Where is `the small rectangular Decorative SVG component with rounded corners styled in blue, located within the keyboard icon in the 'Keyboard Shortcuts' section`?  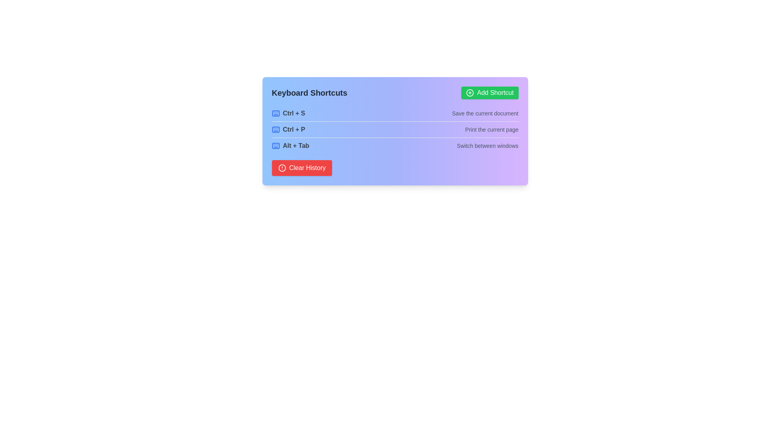 the small rectangular Decorative SVG component with rounded corners styled in blue, located within the keyboard icon in the 'Keyboard Shortcuts' section is located at coordinates (276, 146).